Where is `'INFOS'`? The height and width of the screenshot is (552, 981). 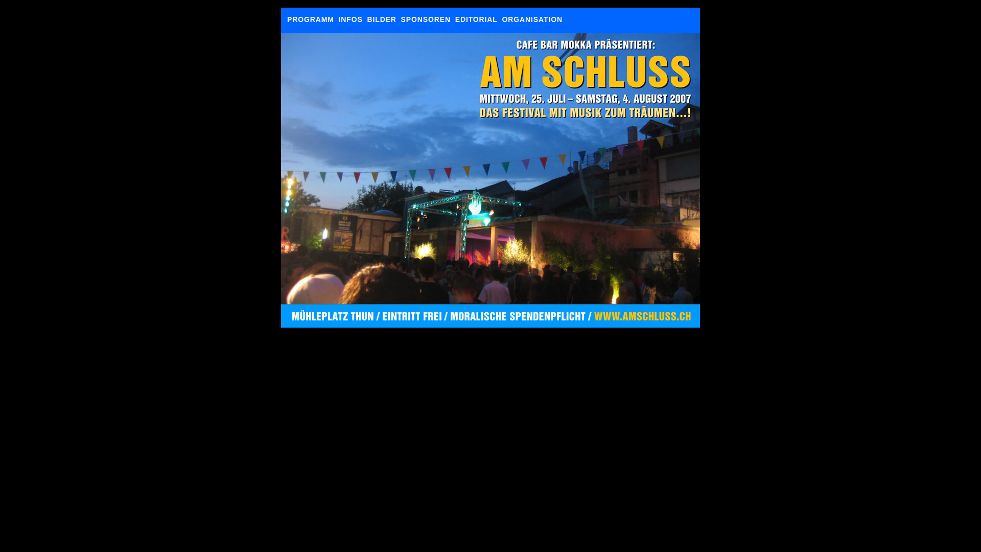
'INFOS' is located at coordinates (351, 19).